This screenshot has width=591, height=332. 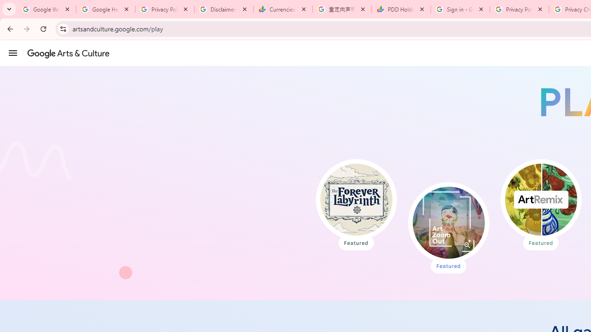 What do you see at coordinates (283, 9) in the screenshot?
I see `'Currencies - Google Finance'` at bounding box center [283, 9].